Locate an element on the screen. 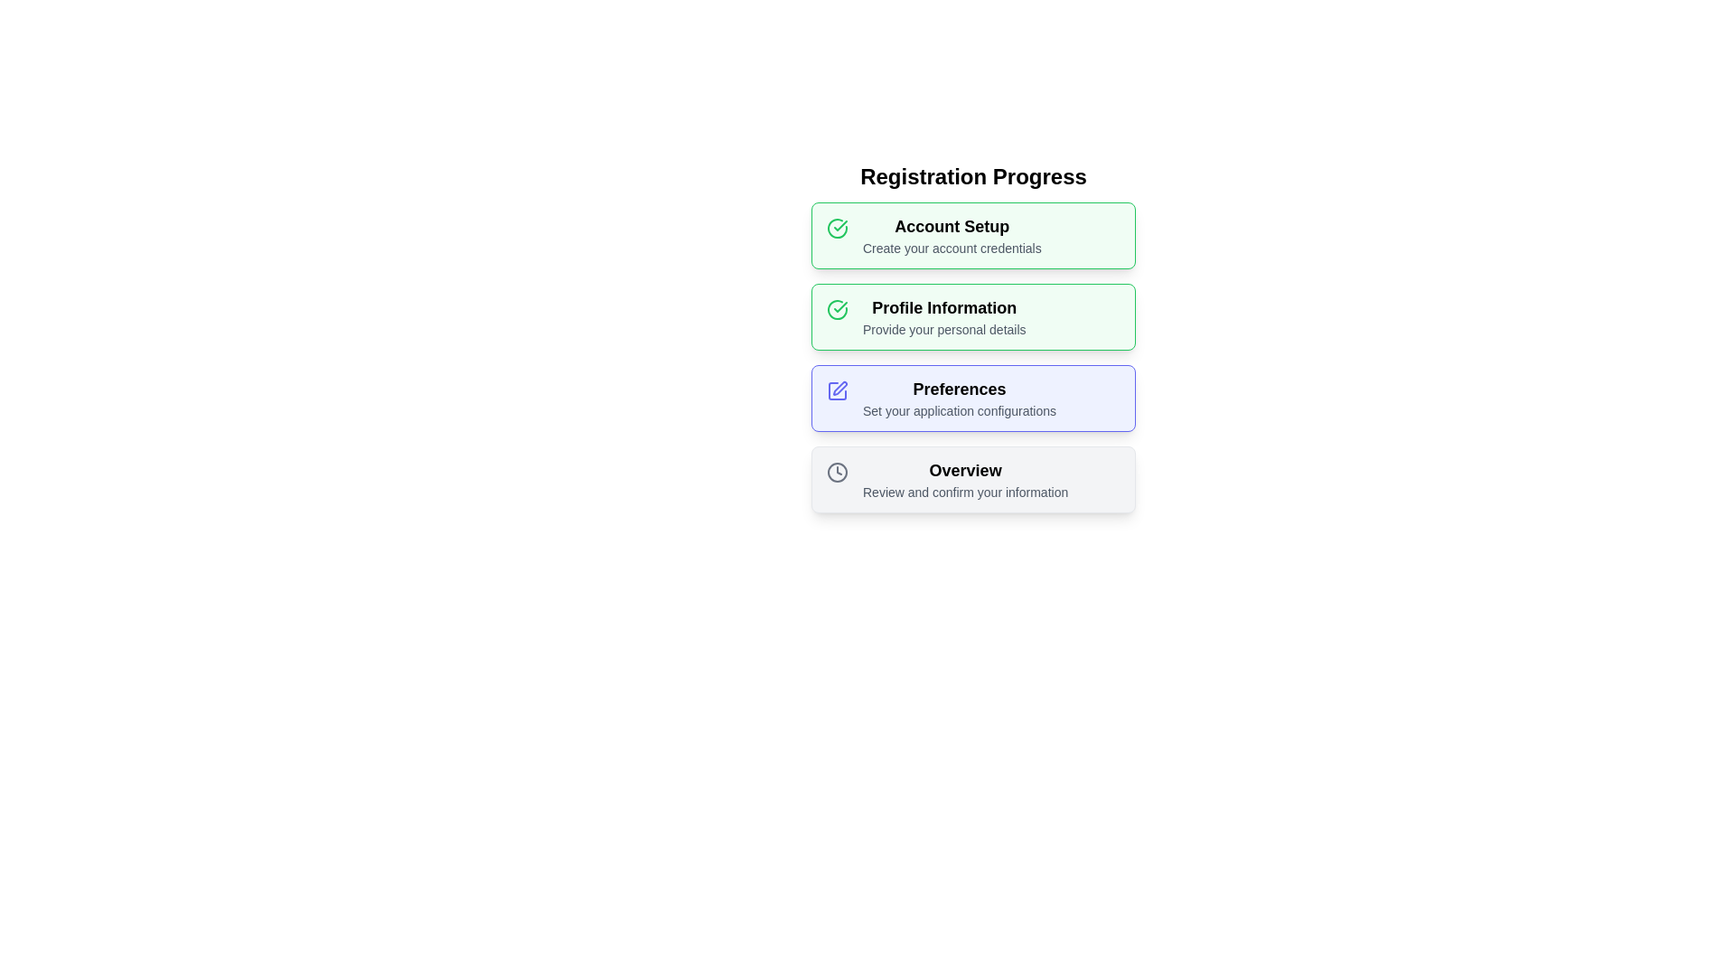 This screenshot has width=1735, height=976. bold text label 'Account Setup' located at the top of a vertical list, styled with large font size and black color, within a light green box is located at coordinates (951, 225).